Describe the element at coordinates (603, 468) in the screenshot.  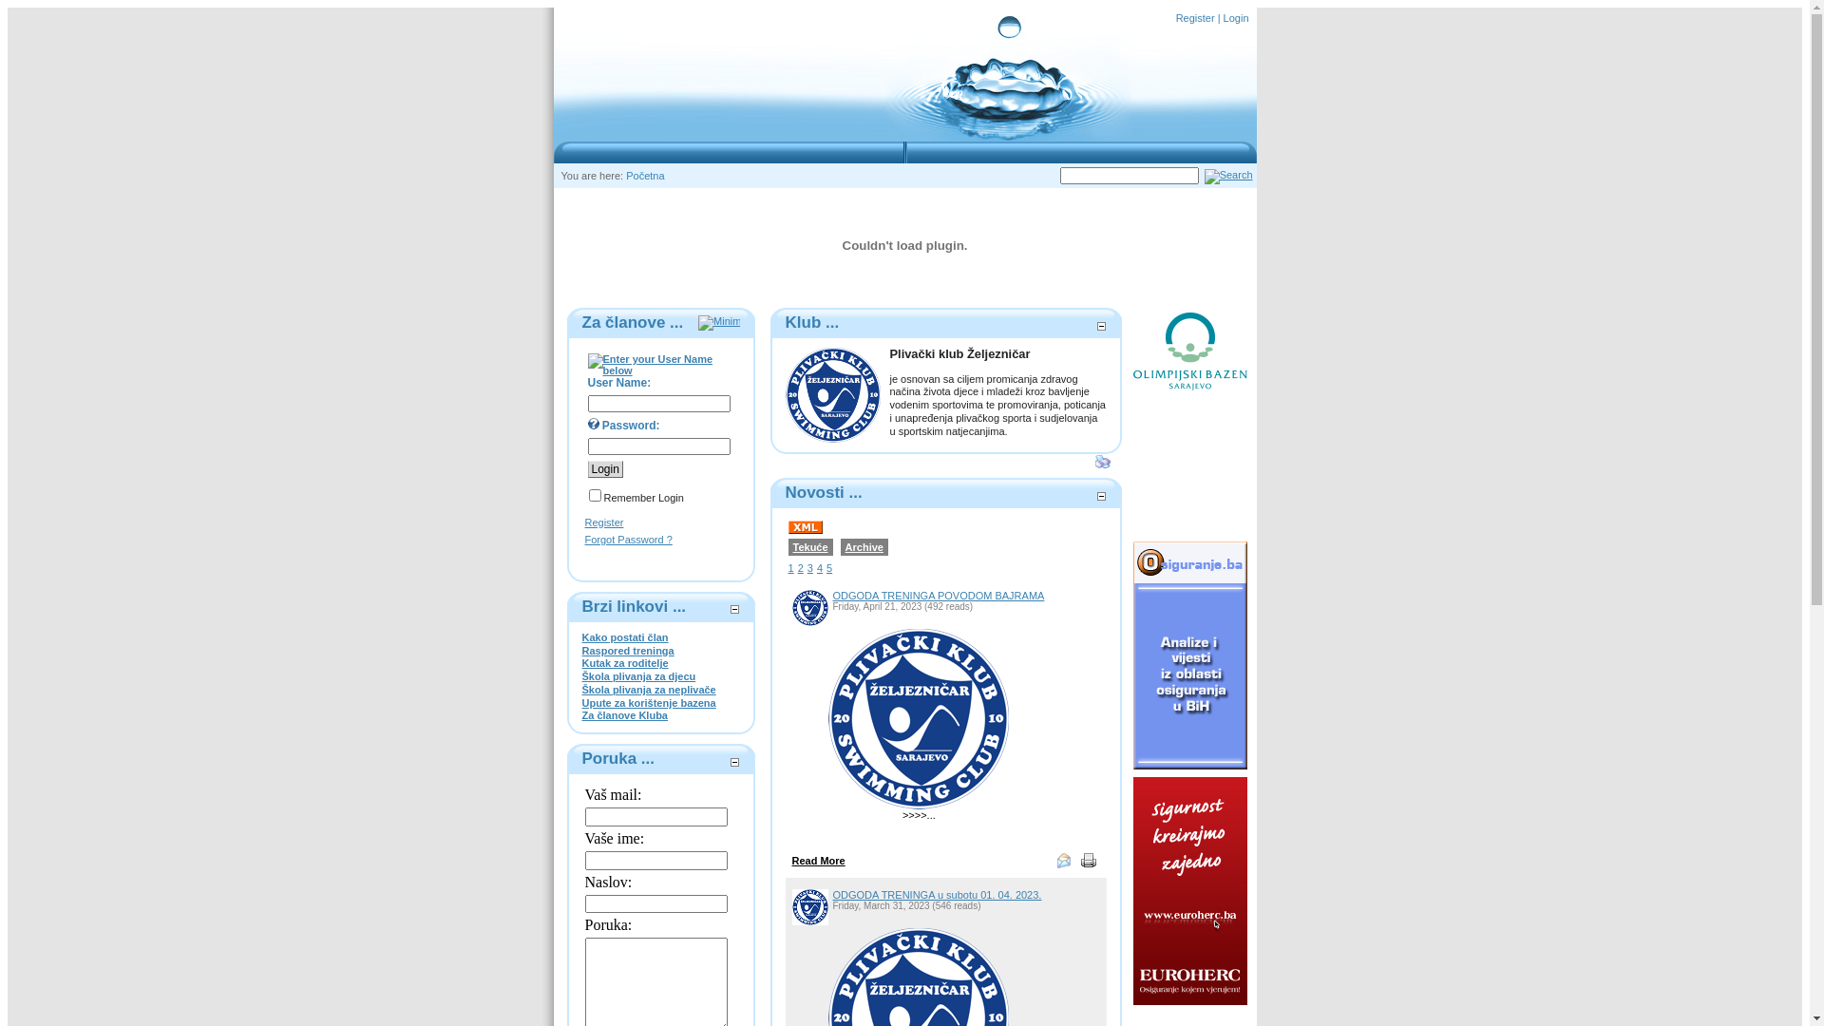
I see `'Login'` at that location.